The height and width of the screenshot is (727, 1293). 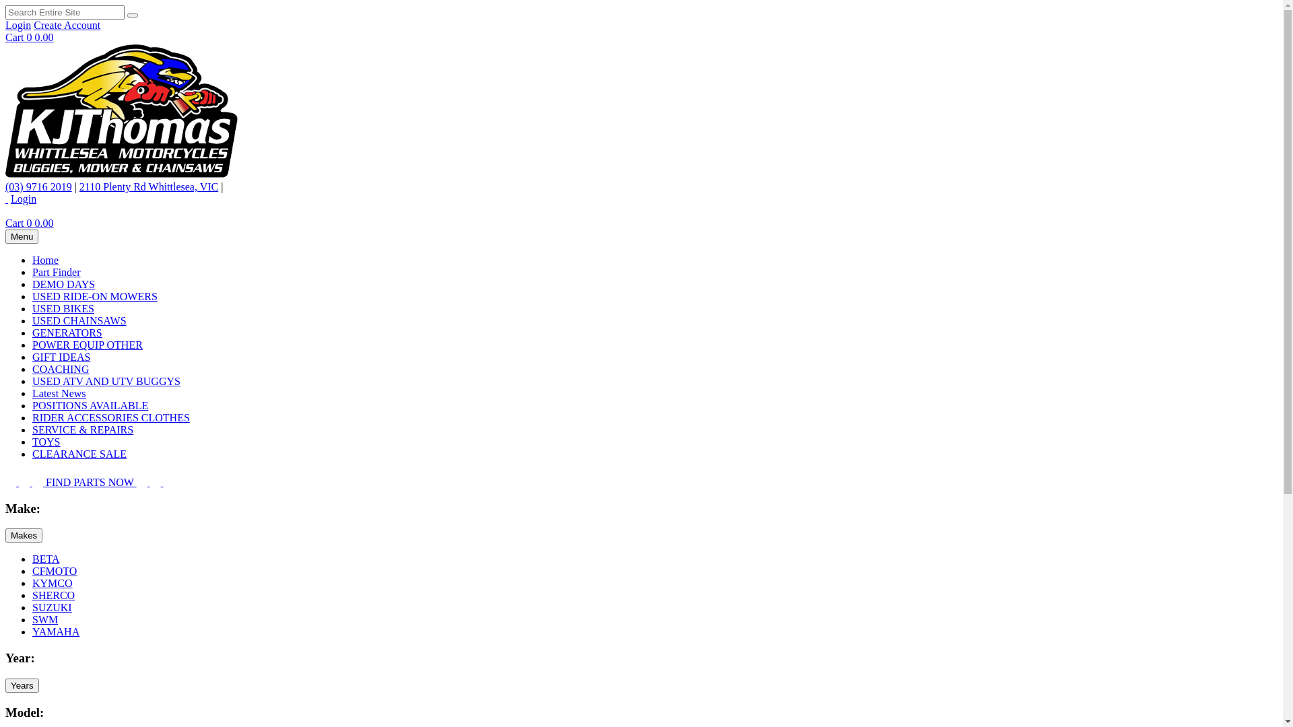 I want to click on '(03) 9716 2019', so click(x=5, y=186).